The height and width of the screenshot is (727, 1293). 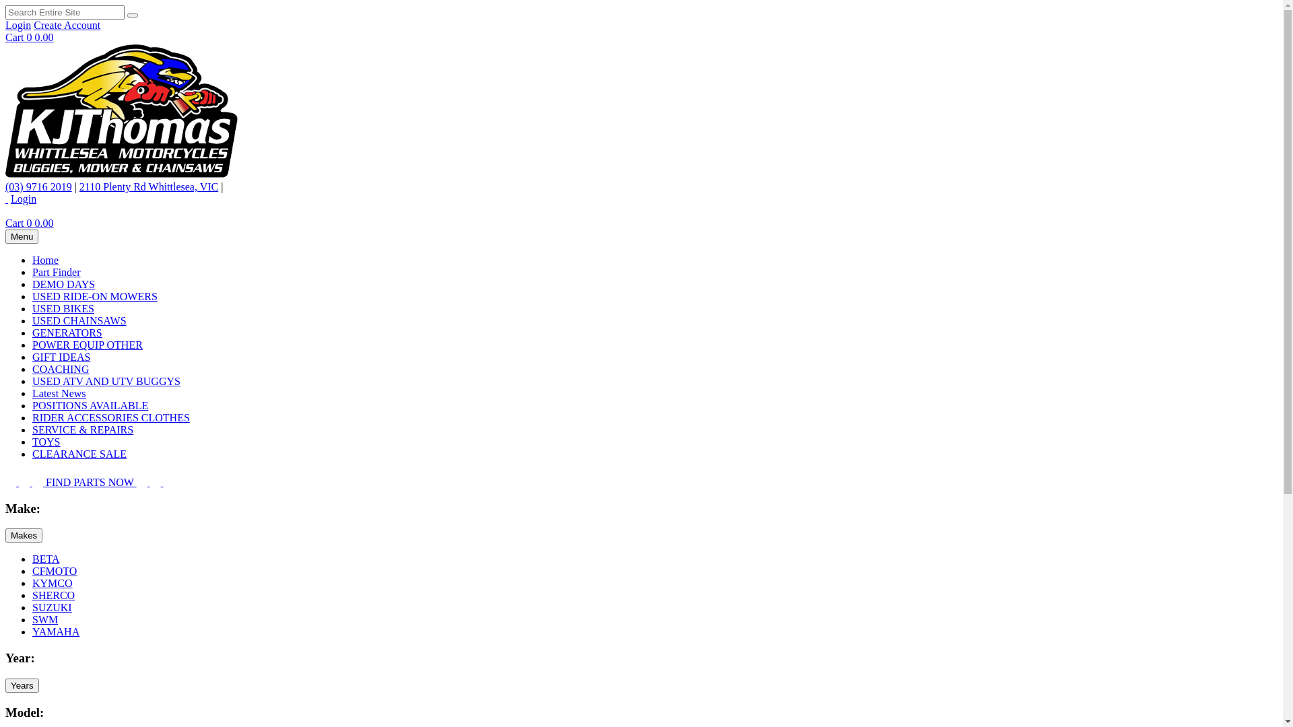 I want to click on '(03) 9716 2019', so click(x=5, y=186).